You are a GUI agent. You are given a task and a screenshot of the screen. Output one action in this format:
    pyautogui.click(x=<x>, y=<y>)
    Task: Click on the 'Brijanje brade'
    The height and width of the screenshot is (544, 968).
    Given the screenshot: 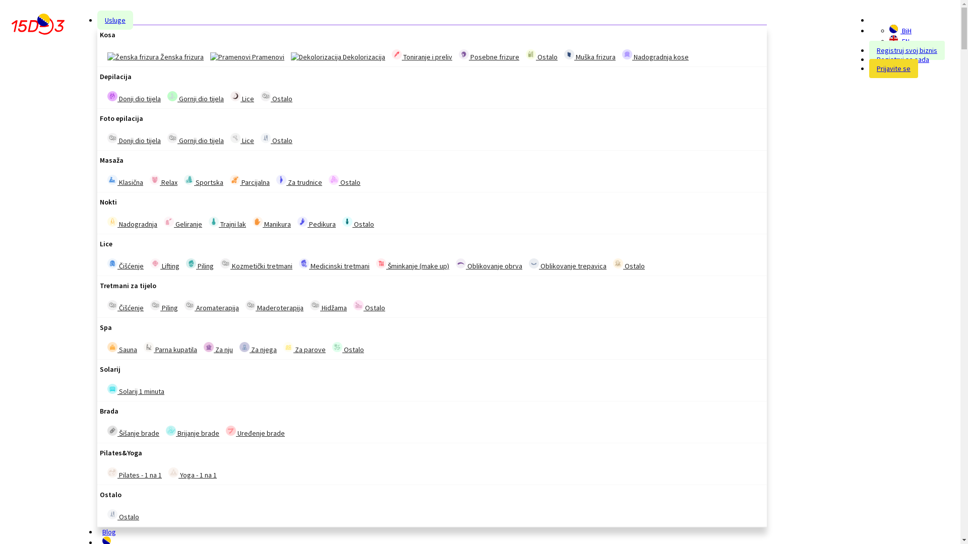 What is the action you would take?
    pyautogui.click(x=171, y=431)
    